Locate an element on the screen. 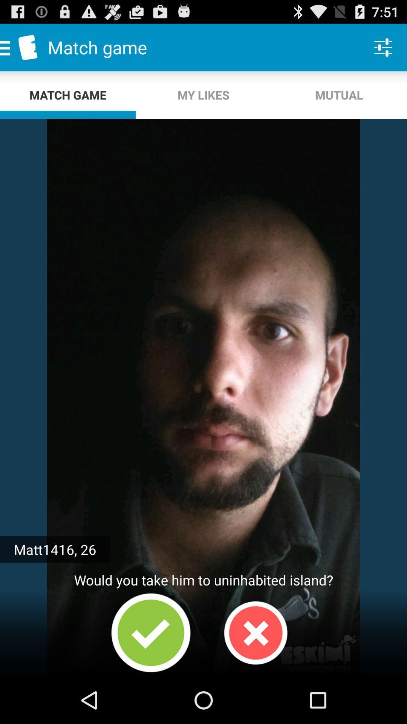 This screenshot has width=407, height=724. deny is located at coordinates (255, 633).